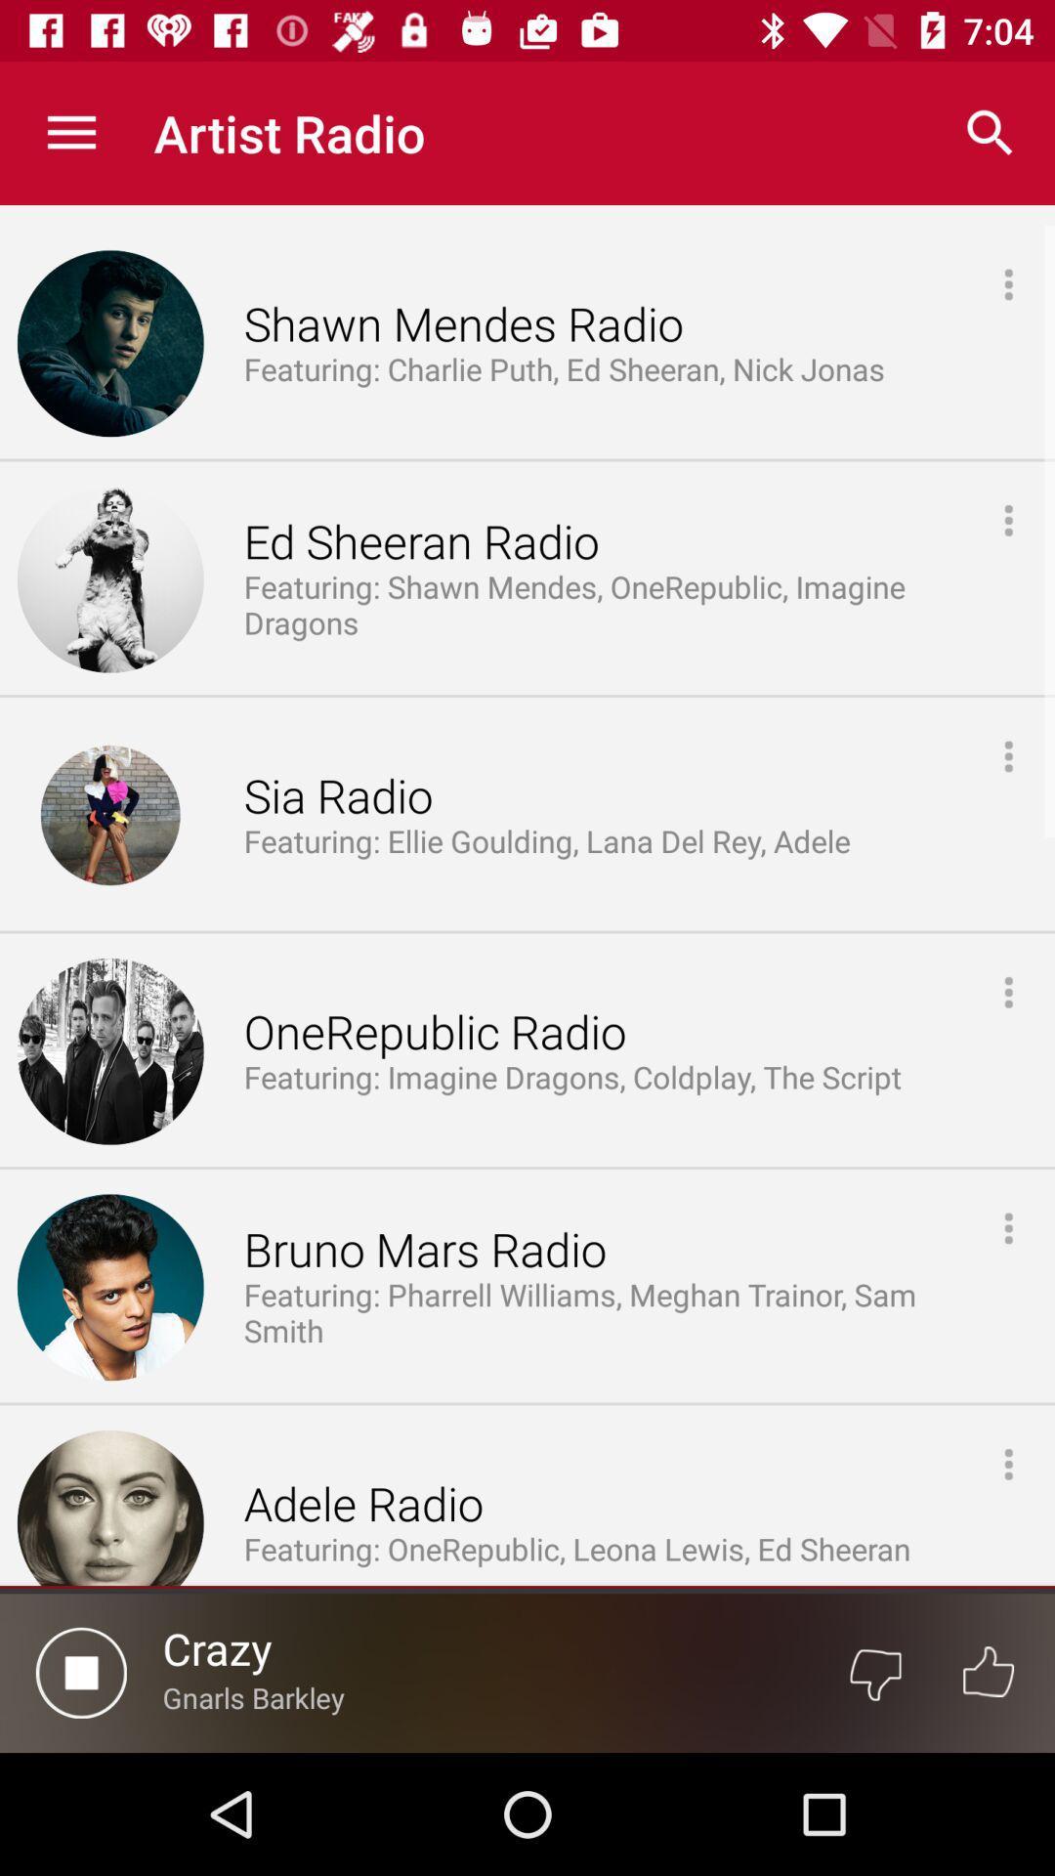  I want to click on the thumbs_up icon, so click(989, 1672).